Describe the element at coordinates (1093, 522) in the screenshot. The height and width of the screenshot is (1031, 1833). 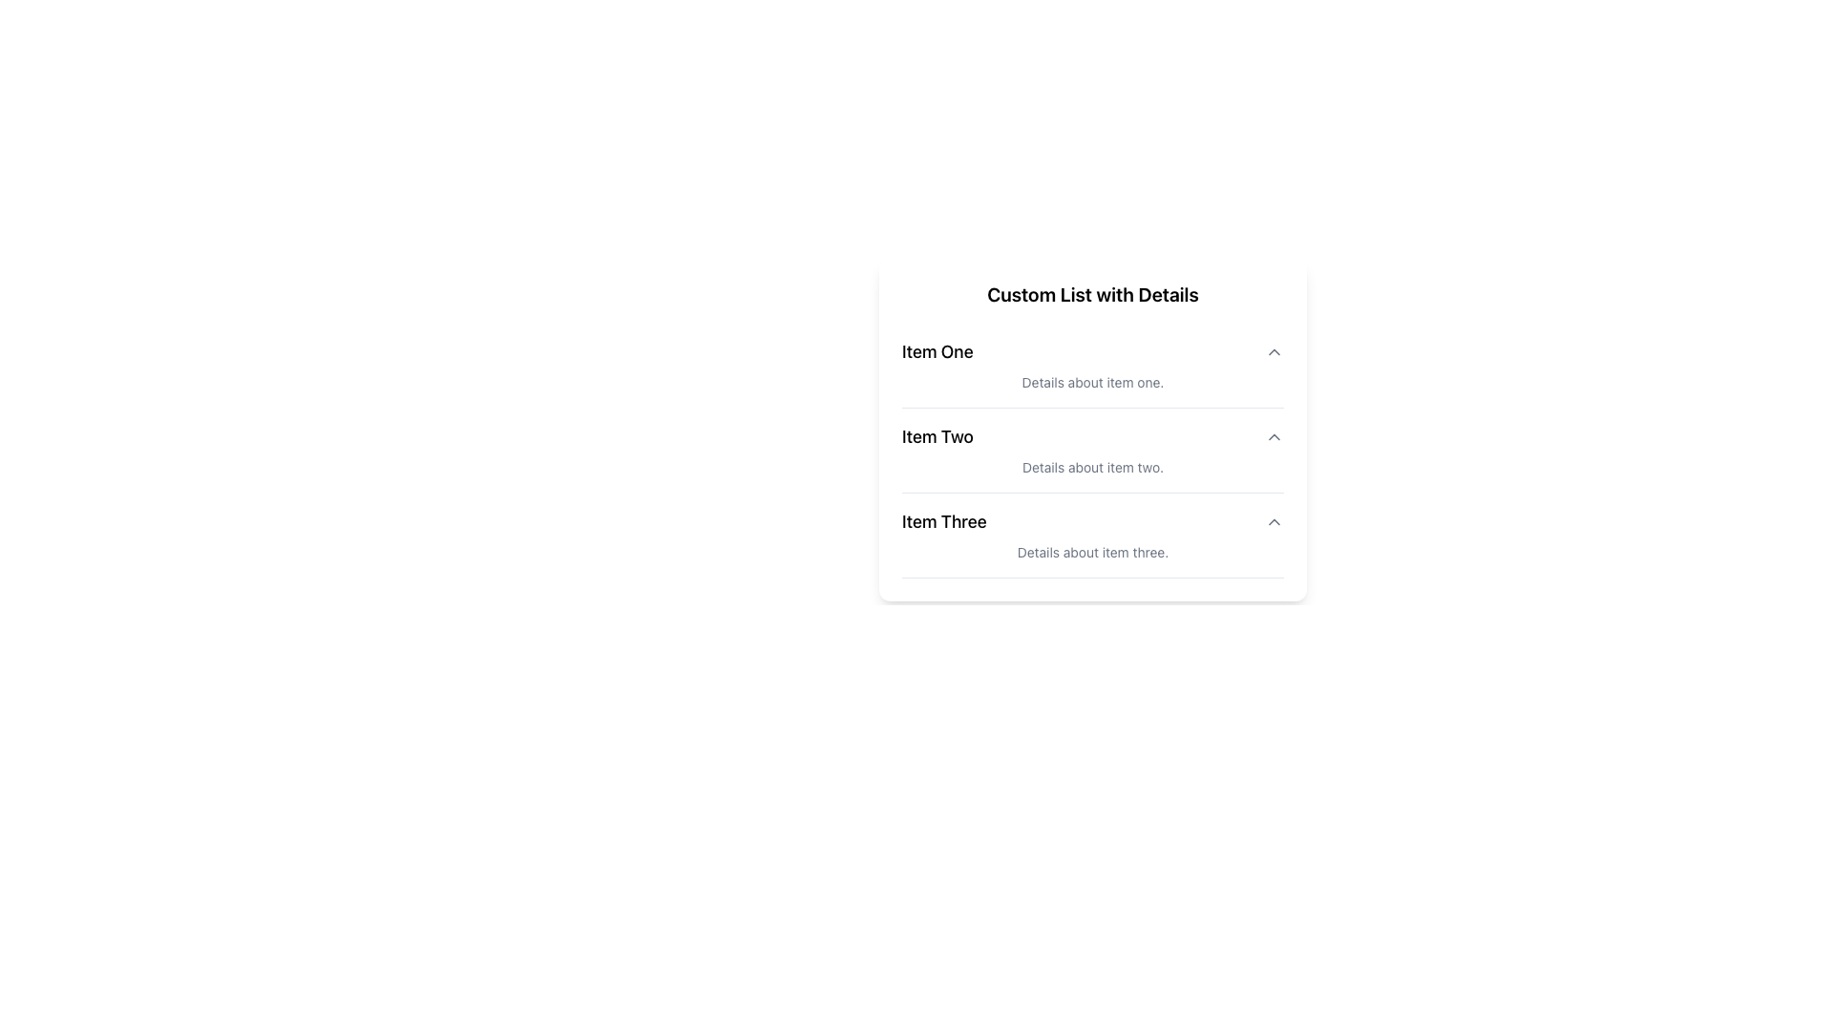
I see `the 'Item Three' menu item` at that location.